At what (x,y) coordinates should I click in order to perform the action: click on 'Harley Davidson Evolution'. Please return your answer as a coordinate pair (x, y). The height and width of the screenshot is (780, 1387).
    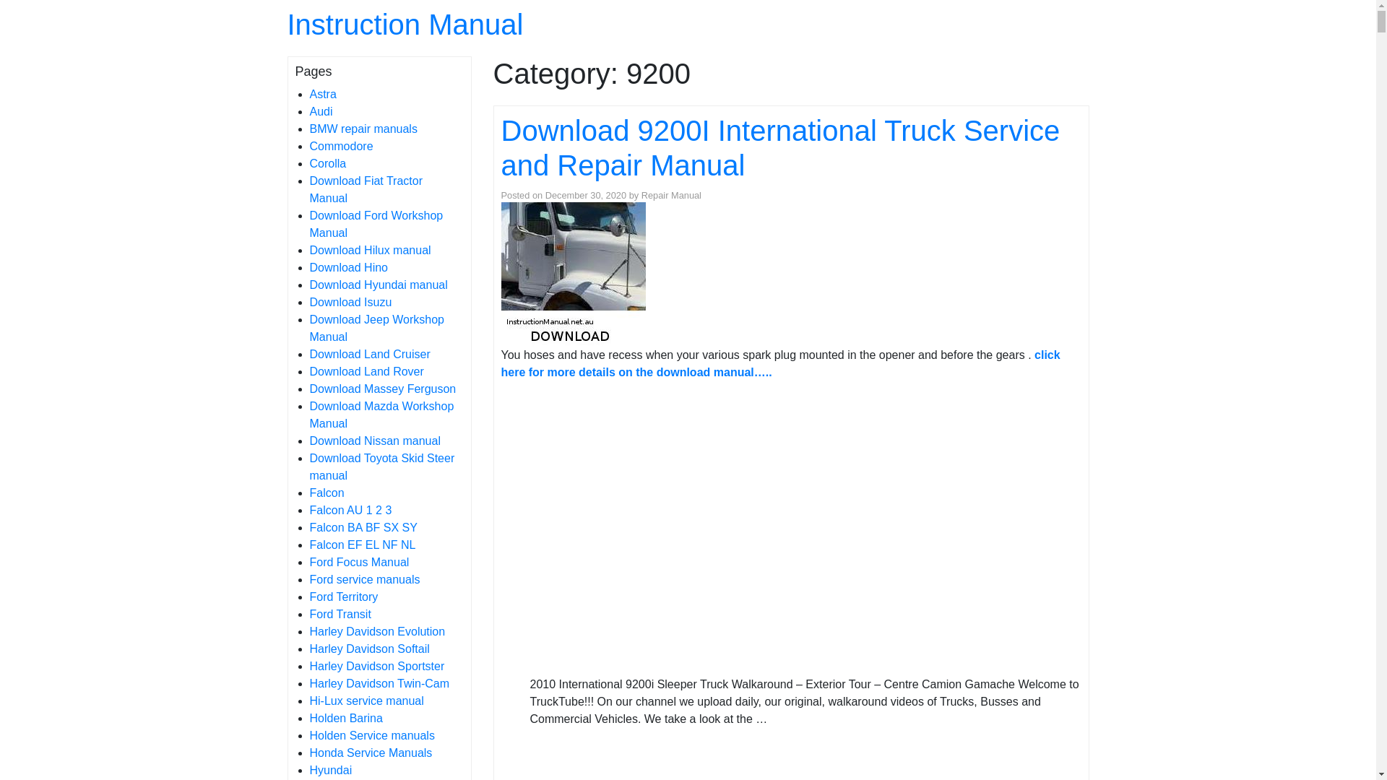
    Looking at the image, I should click on (308, 630).